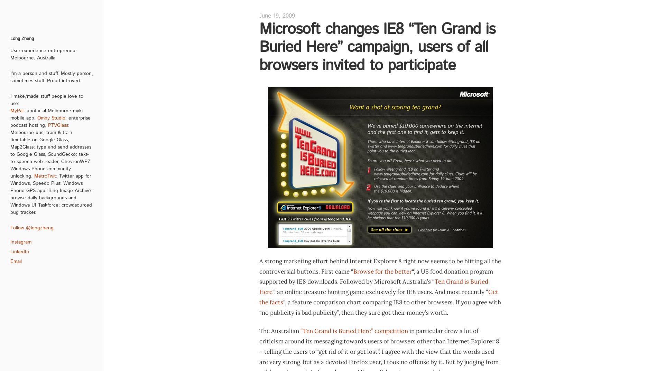 The width and height of the screenshot is (657, 371). What do you see at coordinates (21, 242) in the screenshot?
I see `'Instagram'` at bounding box center [21, 242].